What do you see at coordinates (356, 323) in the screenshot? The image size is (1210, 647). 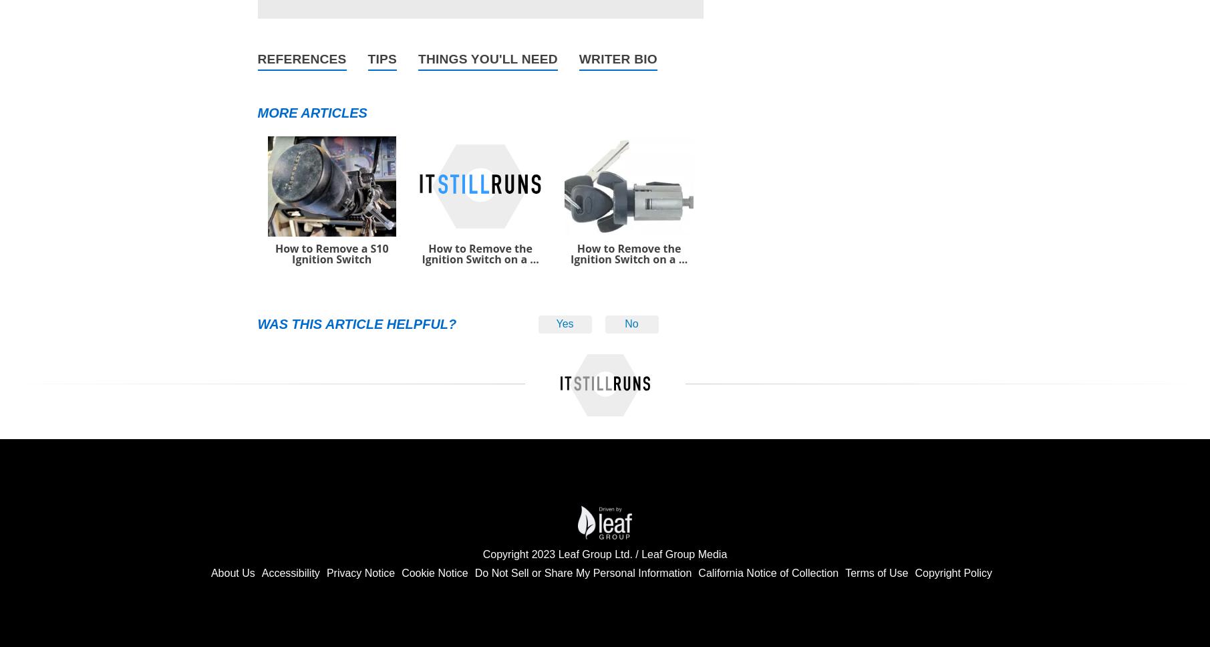 I see `'Was this article helpful?'` at bounding box center [356, 323].